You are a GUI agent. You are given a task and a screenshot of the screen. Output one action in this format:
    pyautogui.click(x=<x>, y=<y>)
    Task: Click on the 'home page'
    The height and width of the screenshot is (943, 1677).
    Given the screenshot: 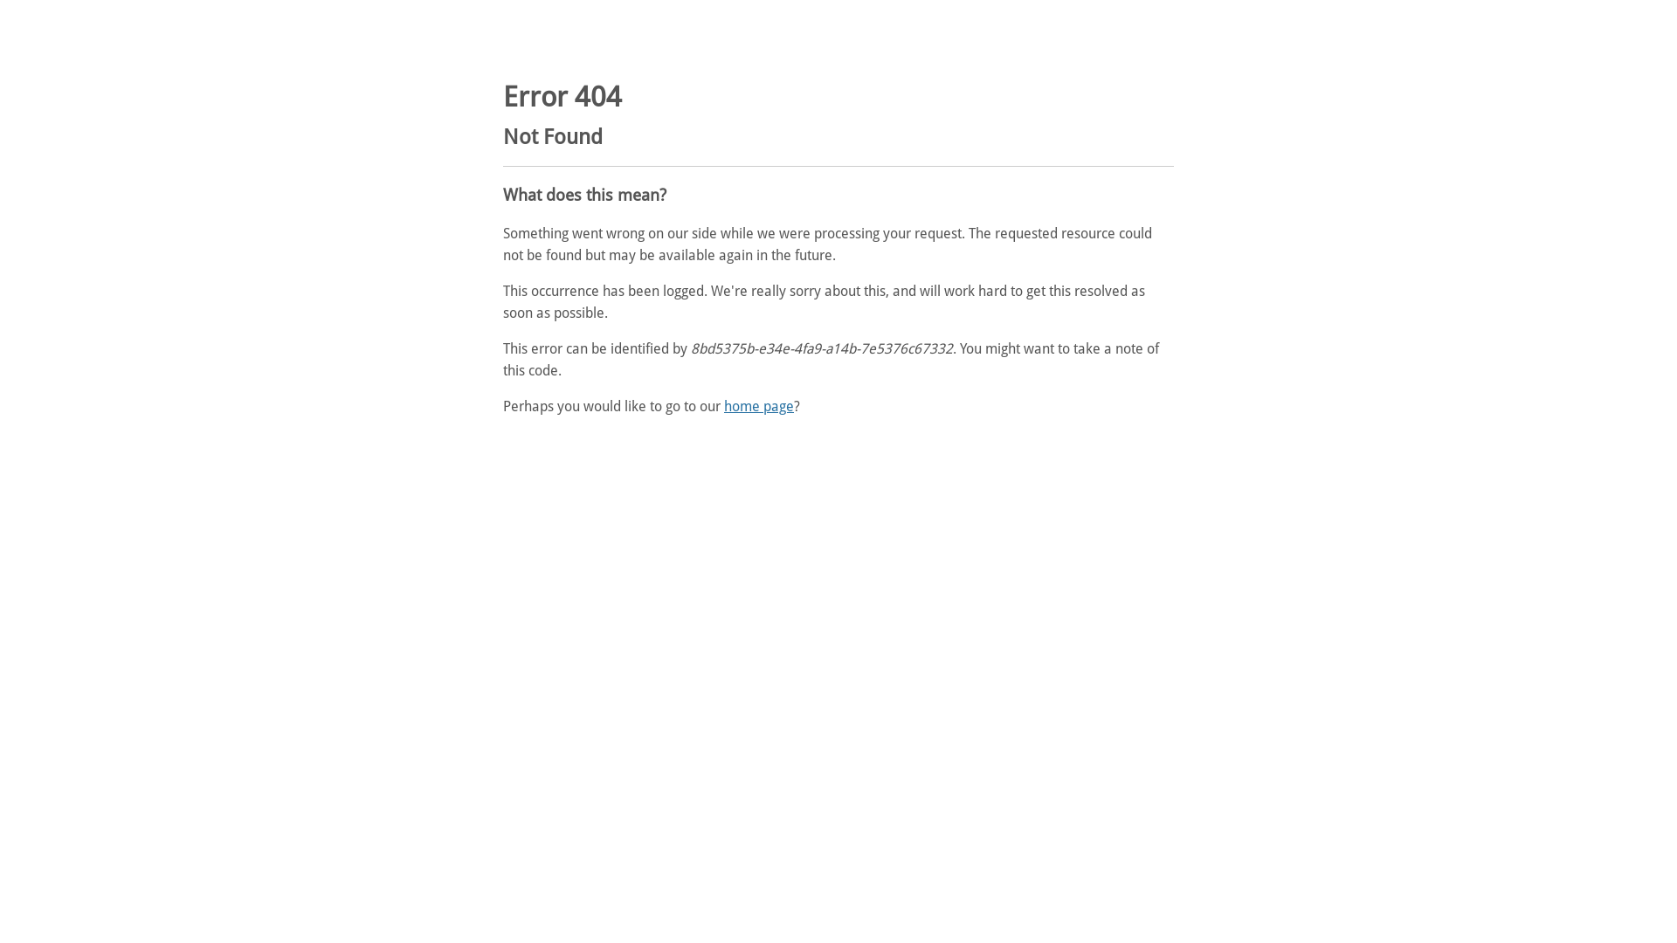 What is the action you would take?
    pyautogui.click(x=758, y=406)
    